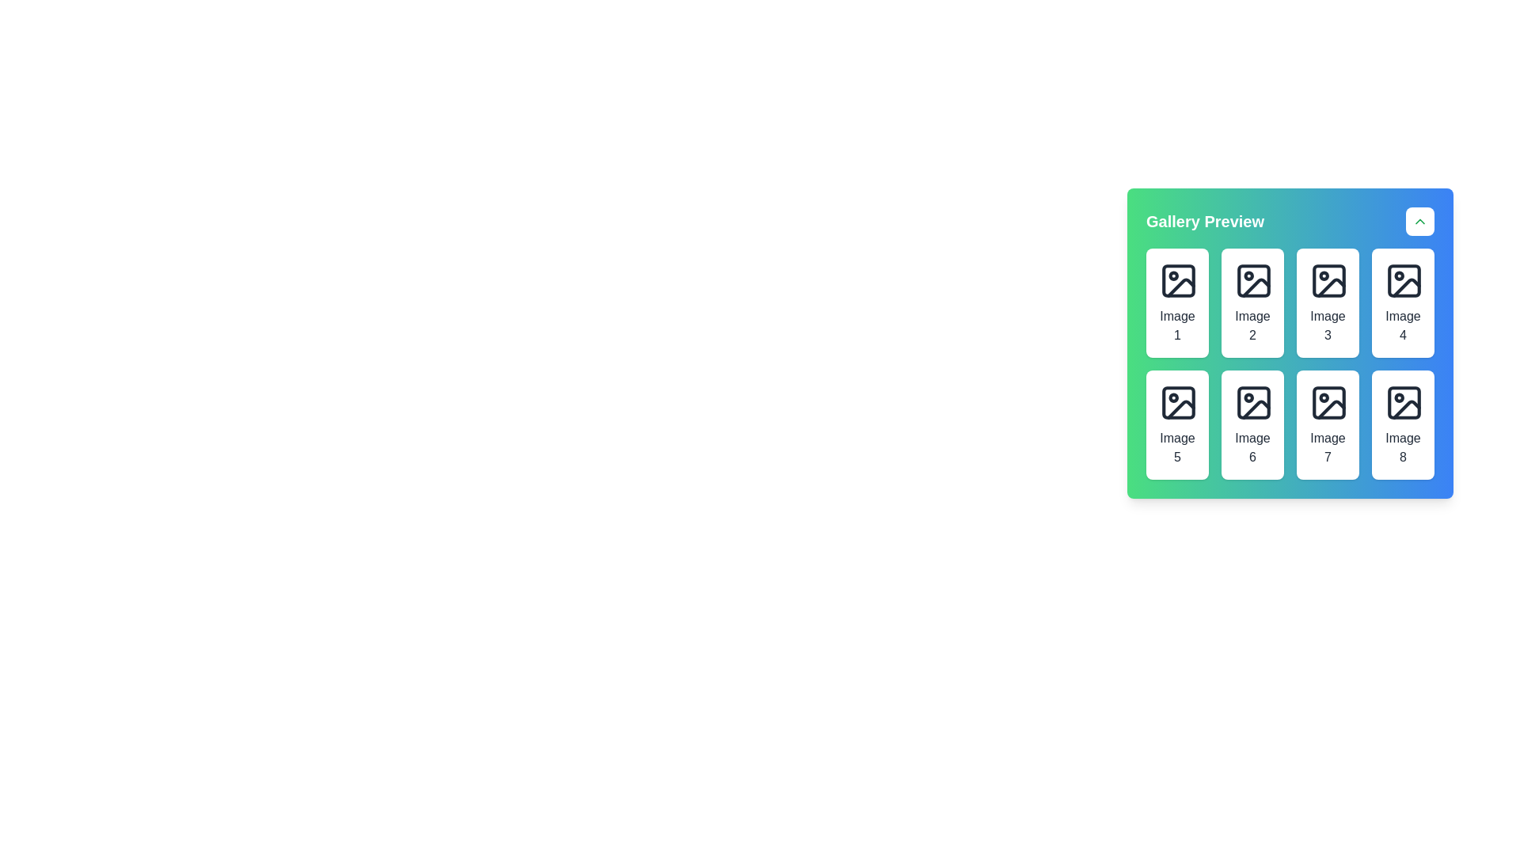 The image size is (1520, 855). I want to click on the Image card or gallery item placeholder located in the second row and first column of the grid, so click(1177, 424).